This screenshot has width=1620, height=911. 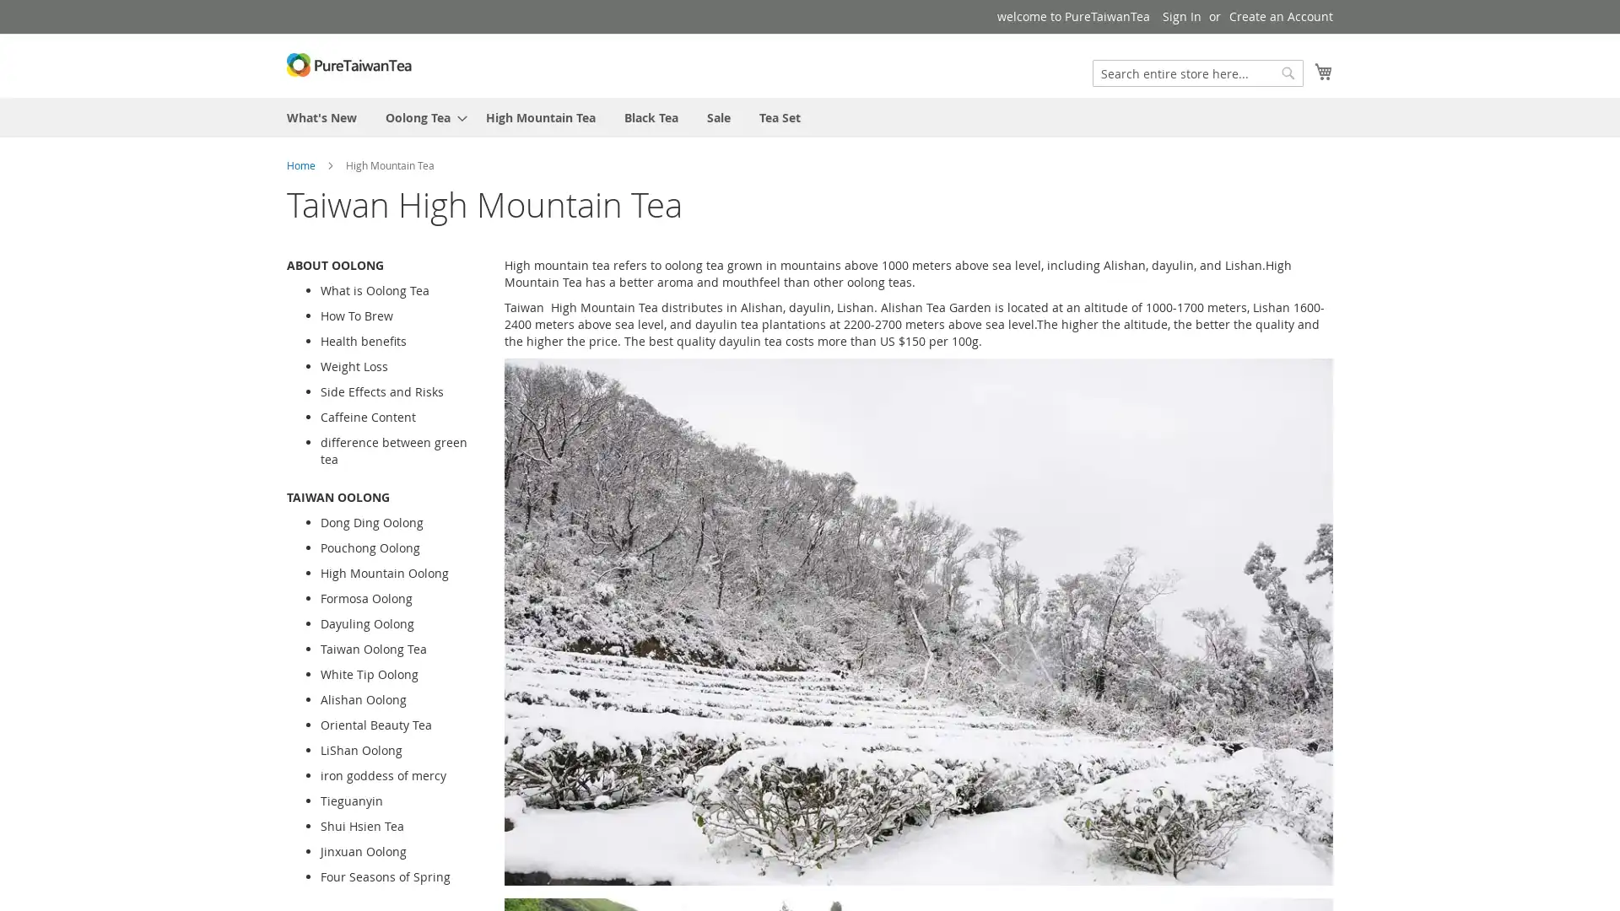 What do you see at coordinates (1287, 73) in the screenshot?
I see `Search` at bounding box center [1287, 73].